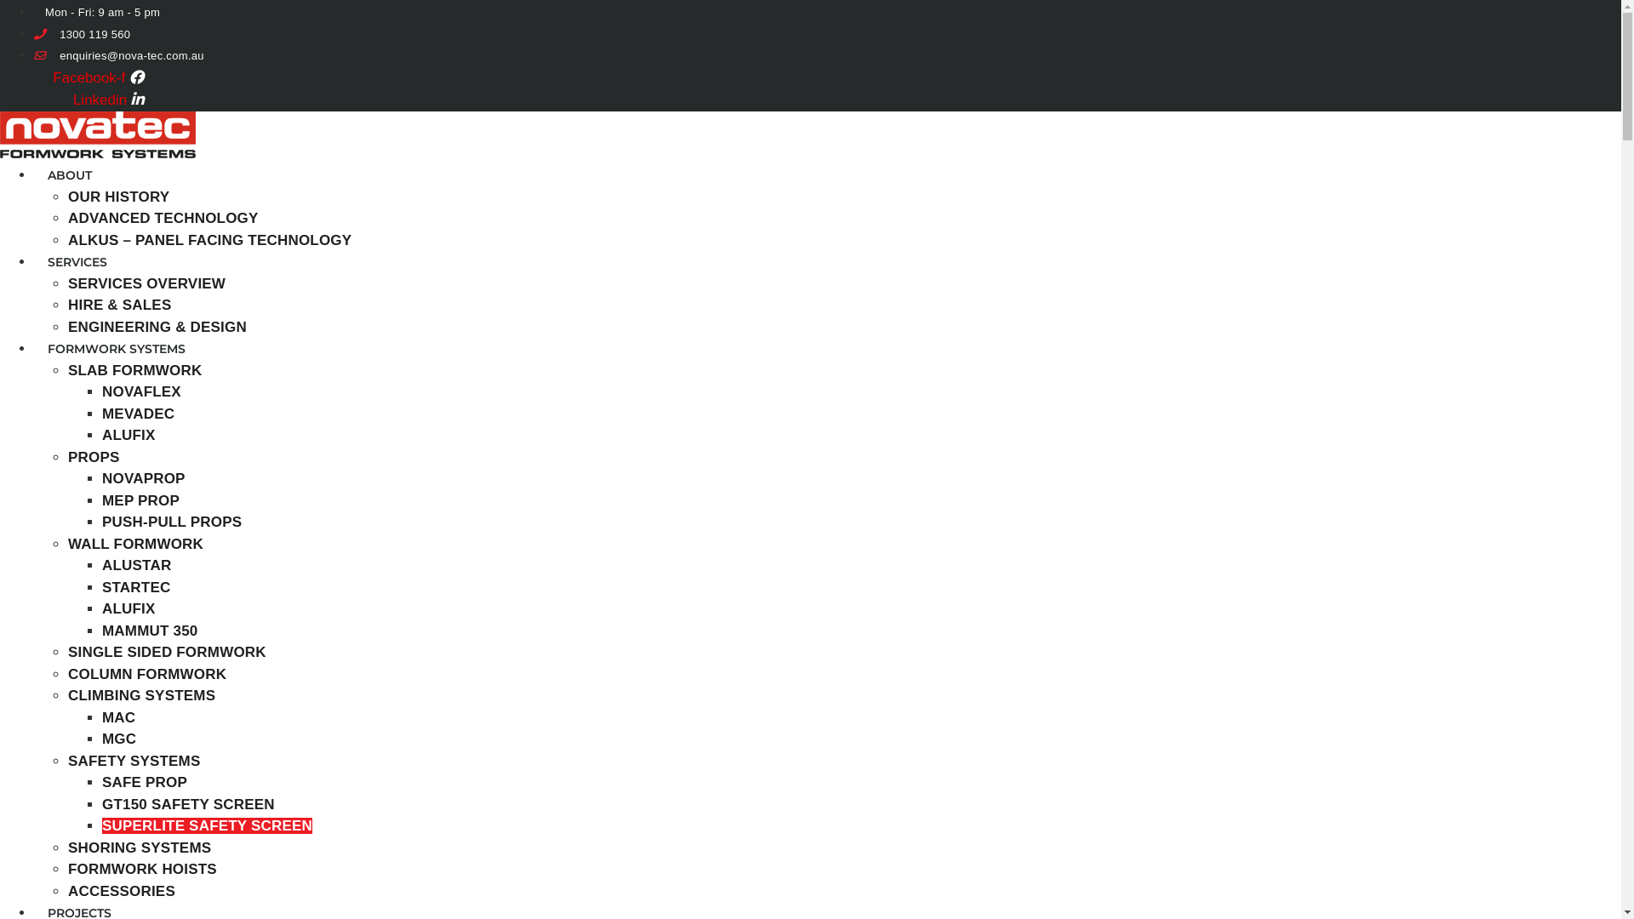 The image size is (1634, 919). What do you see at coordinates (171, 521) in the screenshot?
I see `'PUSH-PULL PROPS'` at bounding box center [171, 521].